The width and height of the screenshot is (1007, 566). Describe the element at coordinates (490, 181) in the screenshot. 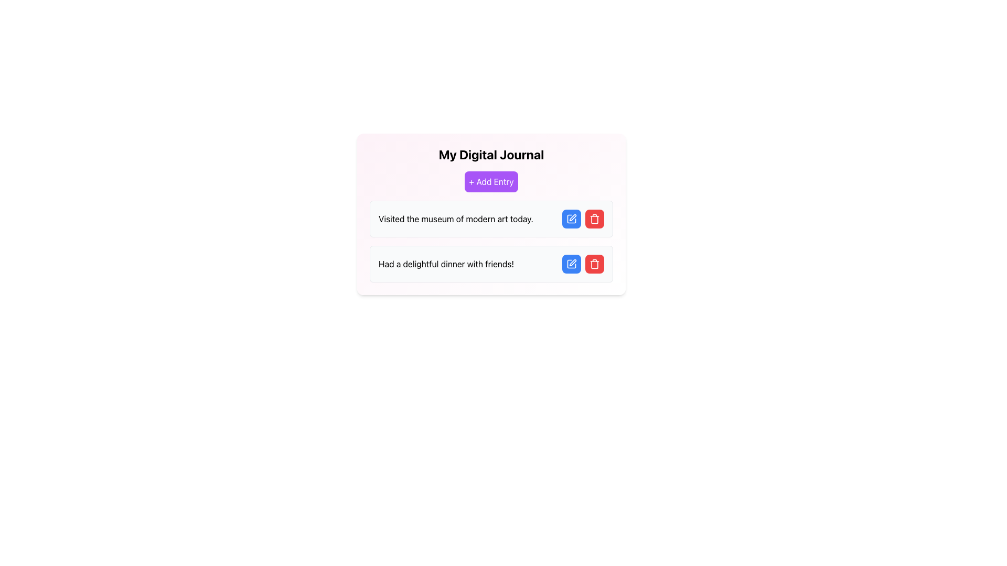

I see `the button located below the header text 'My Digital Journal' to change its background color` at that location.